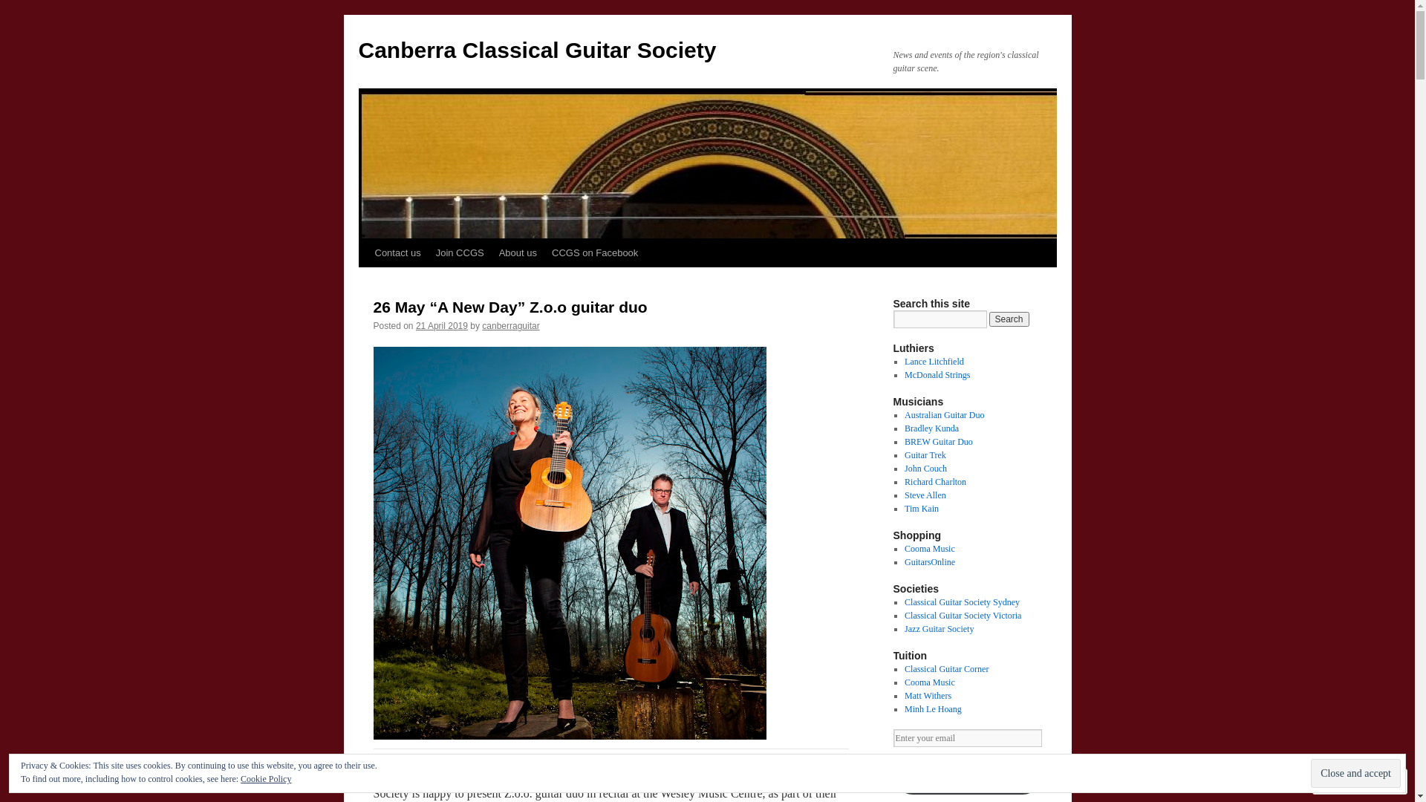  What do you see at coordinates (934, 481) in the screenshot?
I see `'Richard Charlton'` at bounding box center [934, 481].